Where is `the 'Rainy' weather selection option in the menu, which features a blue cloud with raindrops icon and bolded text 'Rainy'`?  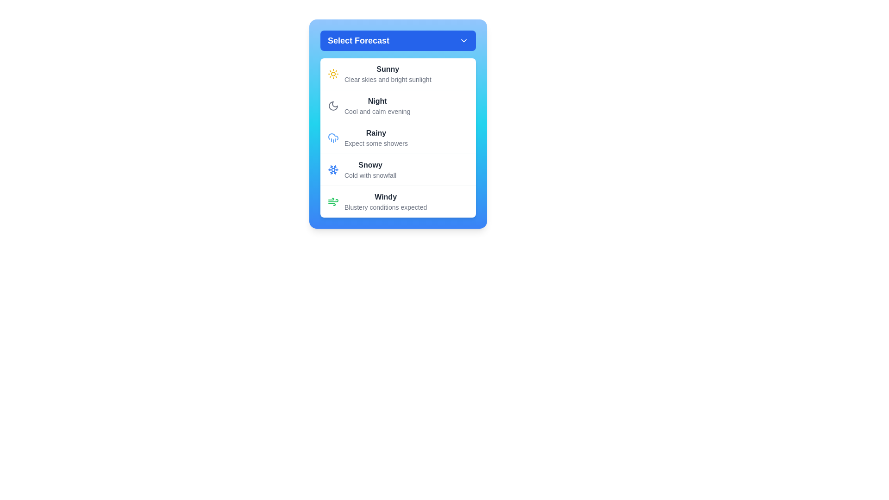
the 'Rainy' weather selection option in the menu, which features a blue cloud with raindrops icon and bolded text 'Rainy' is located at coordinates (398, 137).